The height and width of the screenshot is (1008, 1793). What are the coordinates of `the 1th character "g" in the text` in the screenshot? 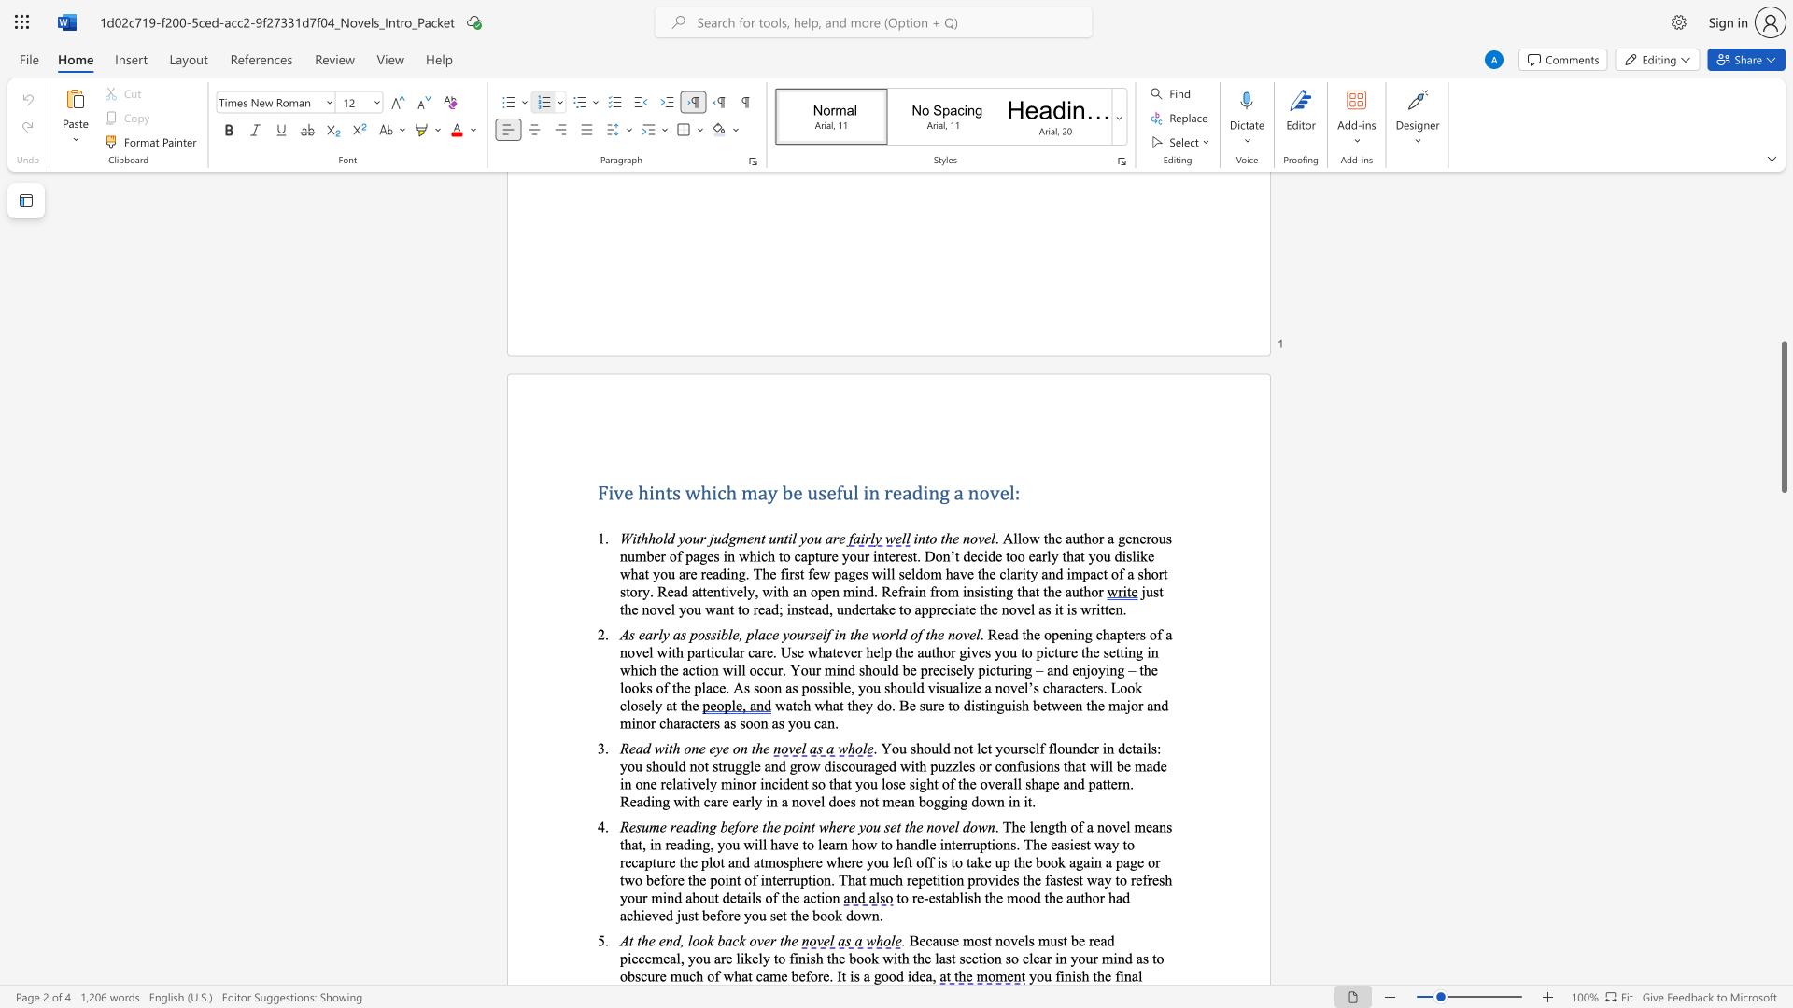 It's located at (876, 974).